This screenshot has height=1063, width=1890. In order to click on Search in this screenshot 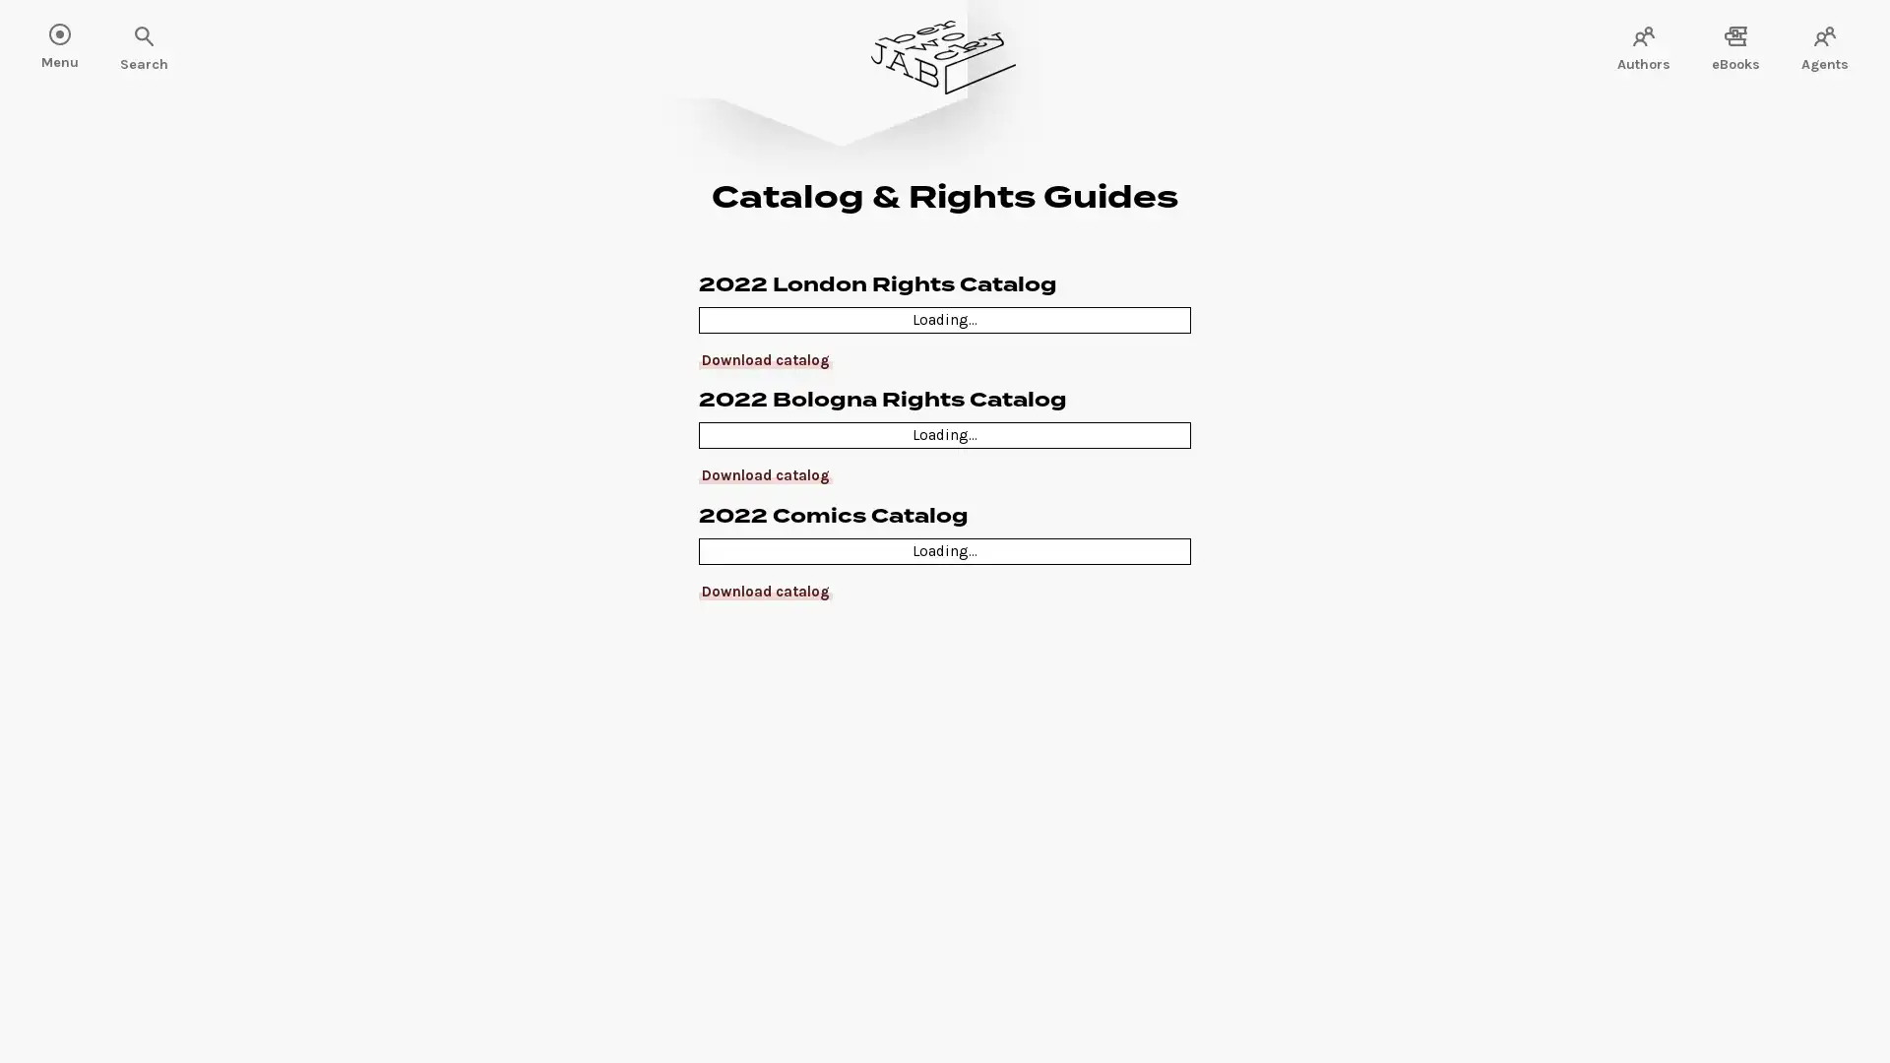, I will do `click(79, 37)`.